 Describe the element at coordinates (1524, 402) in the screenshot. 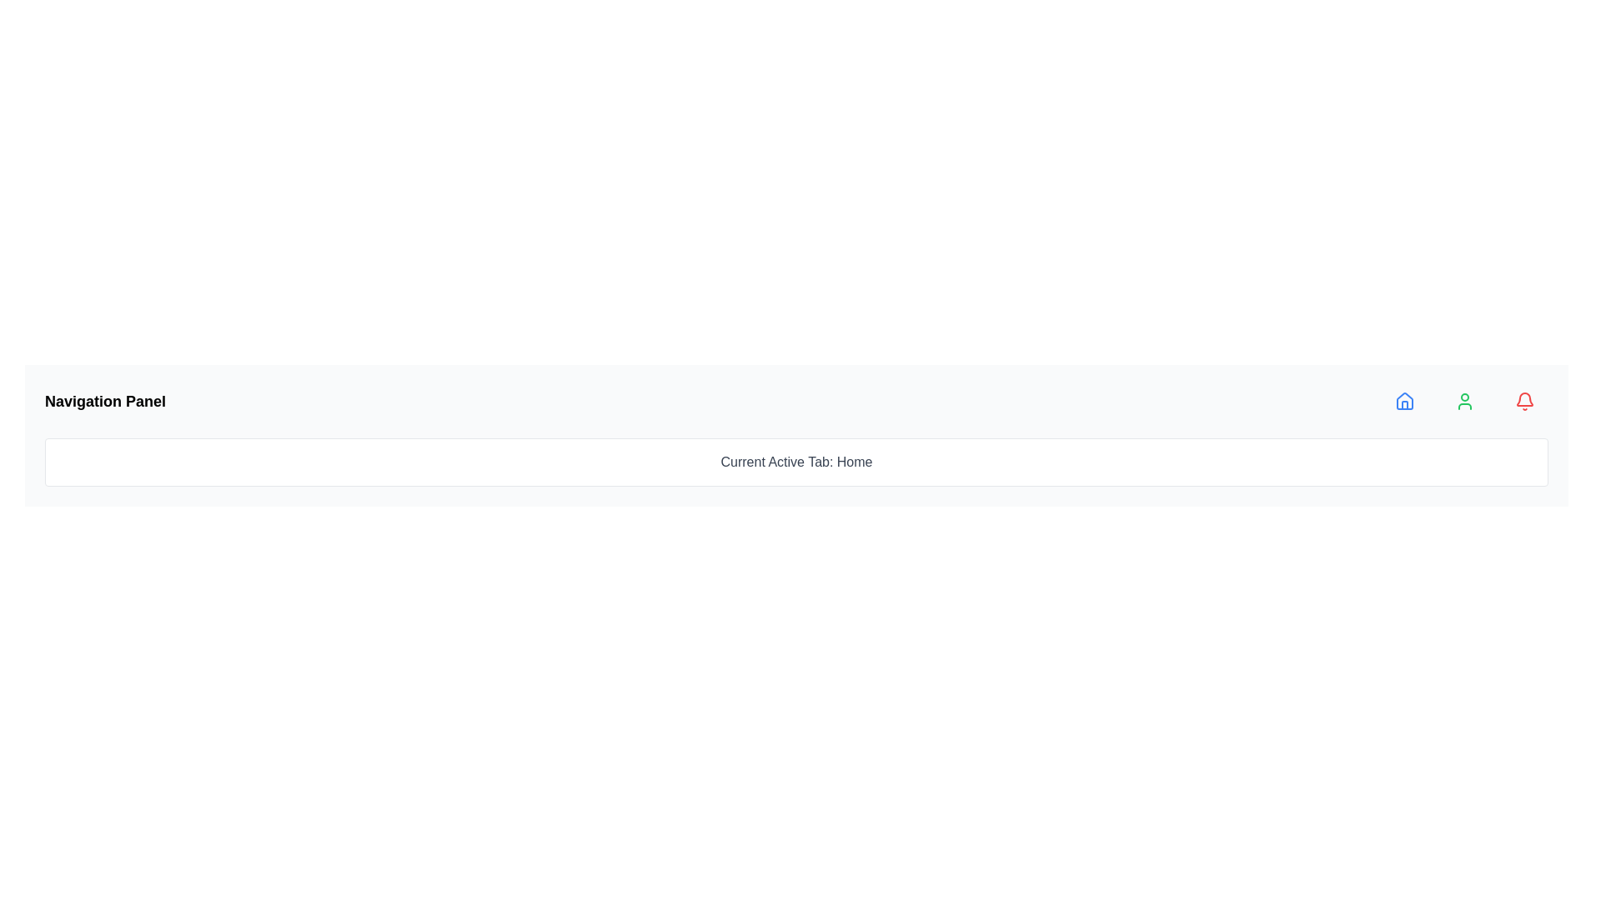

I see `the notification indicator icon located at the far-right end of the top navigation bar` at that location.